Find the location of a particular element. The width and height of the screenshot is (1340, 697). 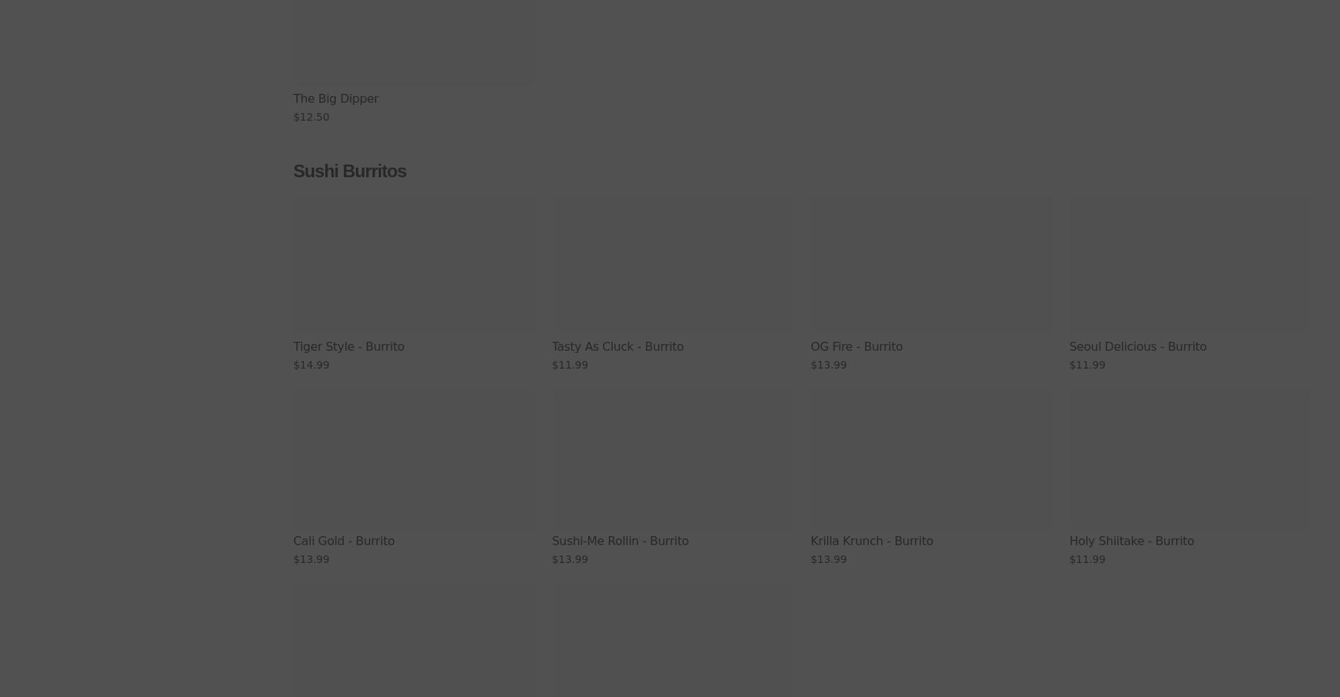

'$14.99' is located at coordinates (293, 363).